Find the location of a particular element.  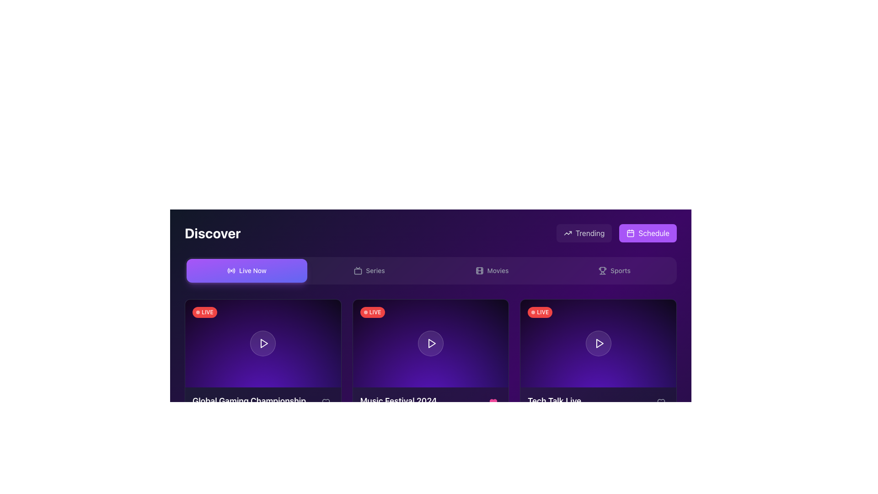

the visual icon representing the 'Sports' theme, which is positioned to the left of the 'Sports' text is located at coordinates (603, 270).